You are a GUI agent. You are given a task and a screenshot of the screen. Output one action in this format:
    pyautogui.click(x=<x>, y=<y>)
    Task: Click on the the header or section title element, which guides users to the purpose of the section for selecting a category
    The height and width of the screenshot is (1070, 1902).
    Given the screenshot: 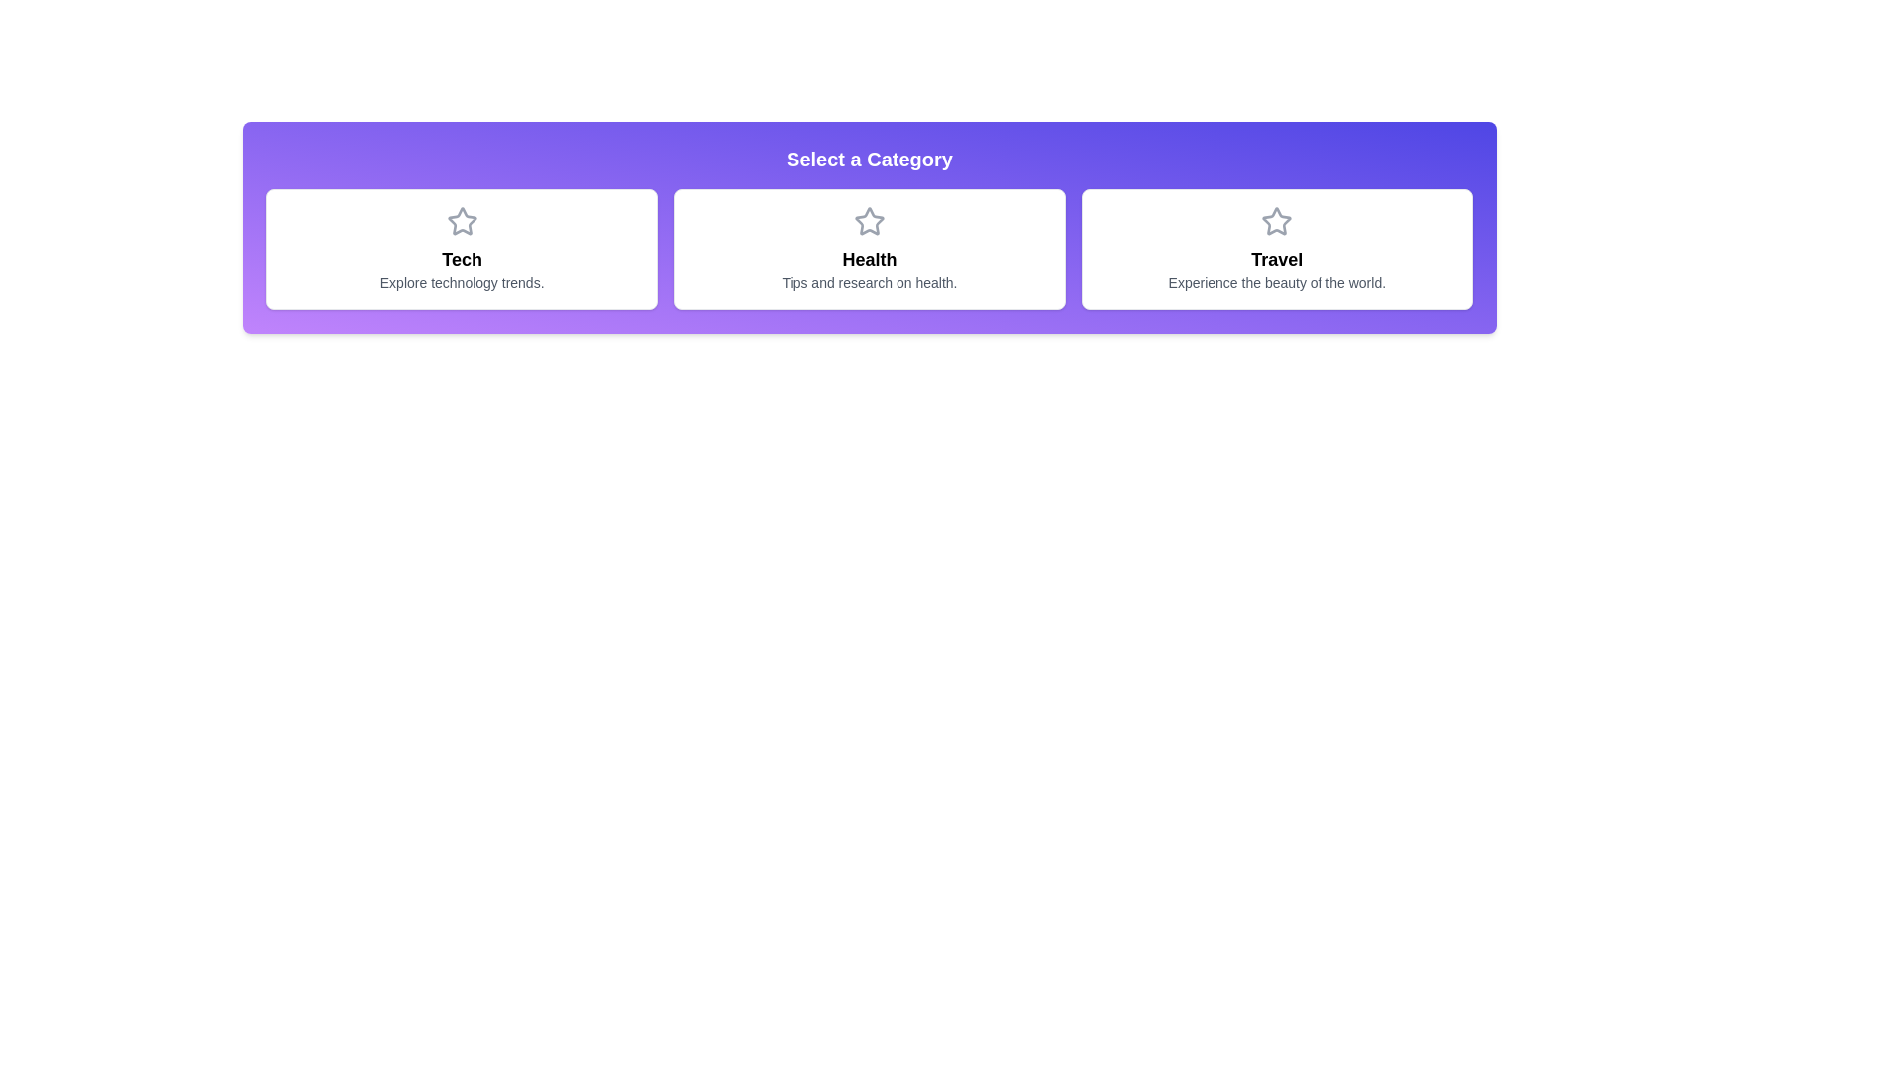 What is the action you would take?
    pyautogui.click(x=870, y=159)
    